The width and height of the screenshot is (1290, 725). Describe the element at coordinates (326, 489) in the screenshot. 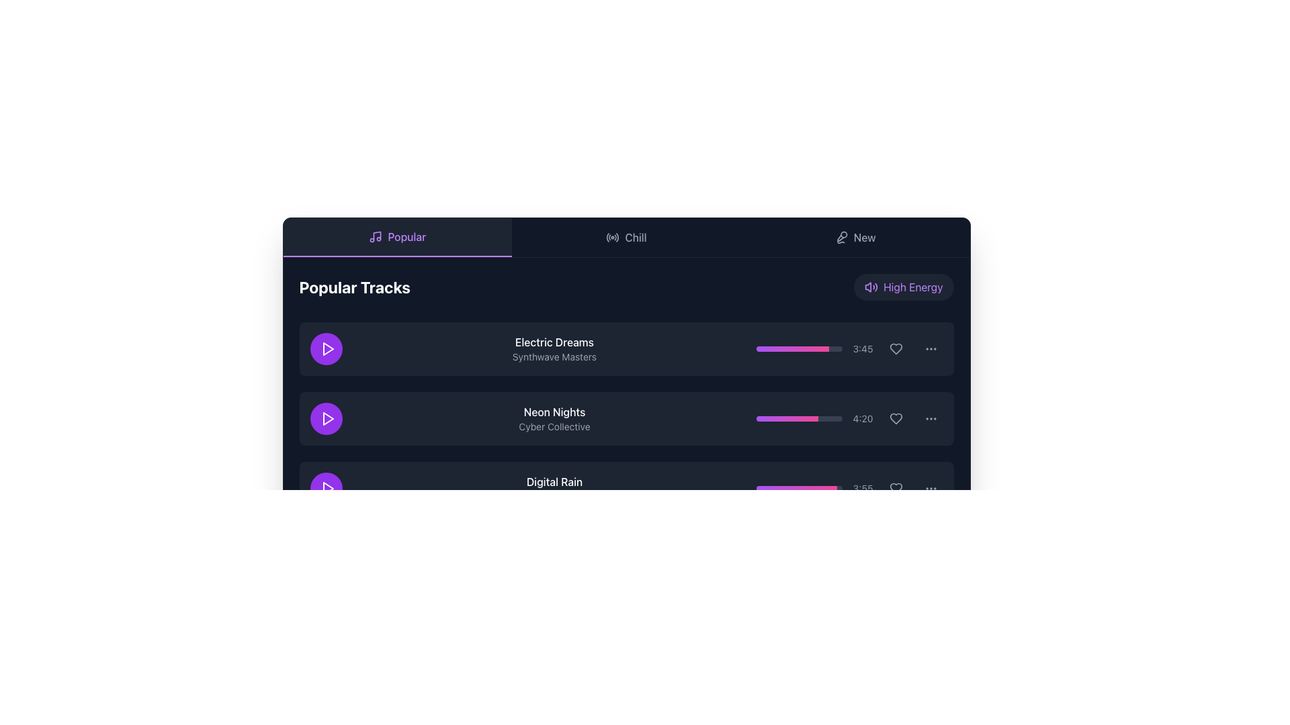

I see `the circular purple button with a white triangular play icon, which is the first interactive component of the 'Digital Rain' track section` at that location.